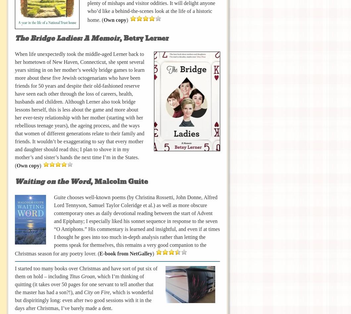 This screenshot has width=351, height=314. Describe the element at coordinates (52, 181) in the screenshot. I see `'Waiting on the Word'` at that location.